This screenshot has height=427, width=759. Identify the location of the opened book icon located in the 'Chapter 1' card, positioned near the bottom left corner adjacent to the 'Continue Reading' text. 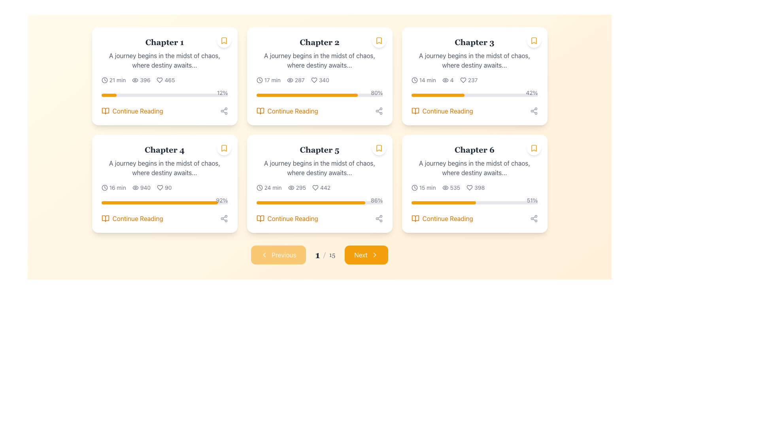
(105, 111).